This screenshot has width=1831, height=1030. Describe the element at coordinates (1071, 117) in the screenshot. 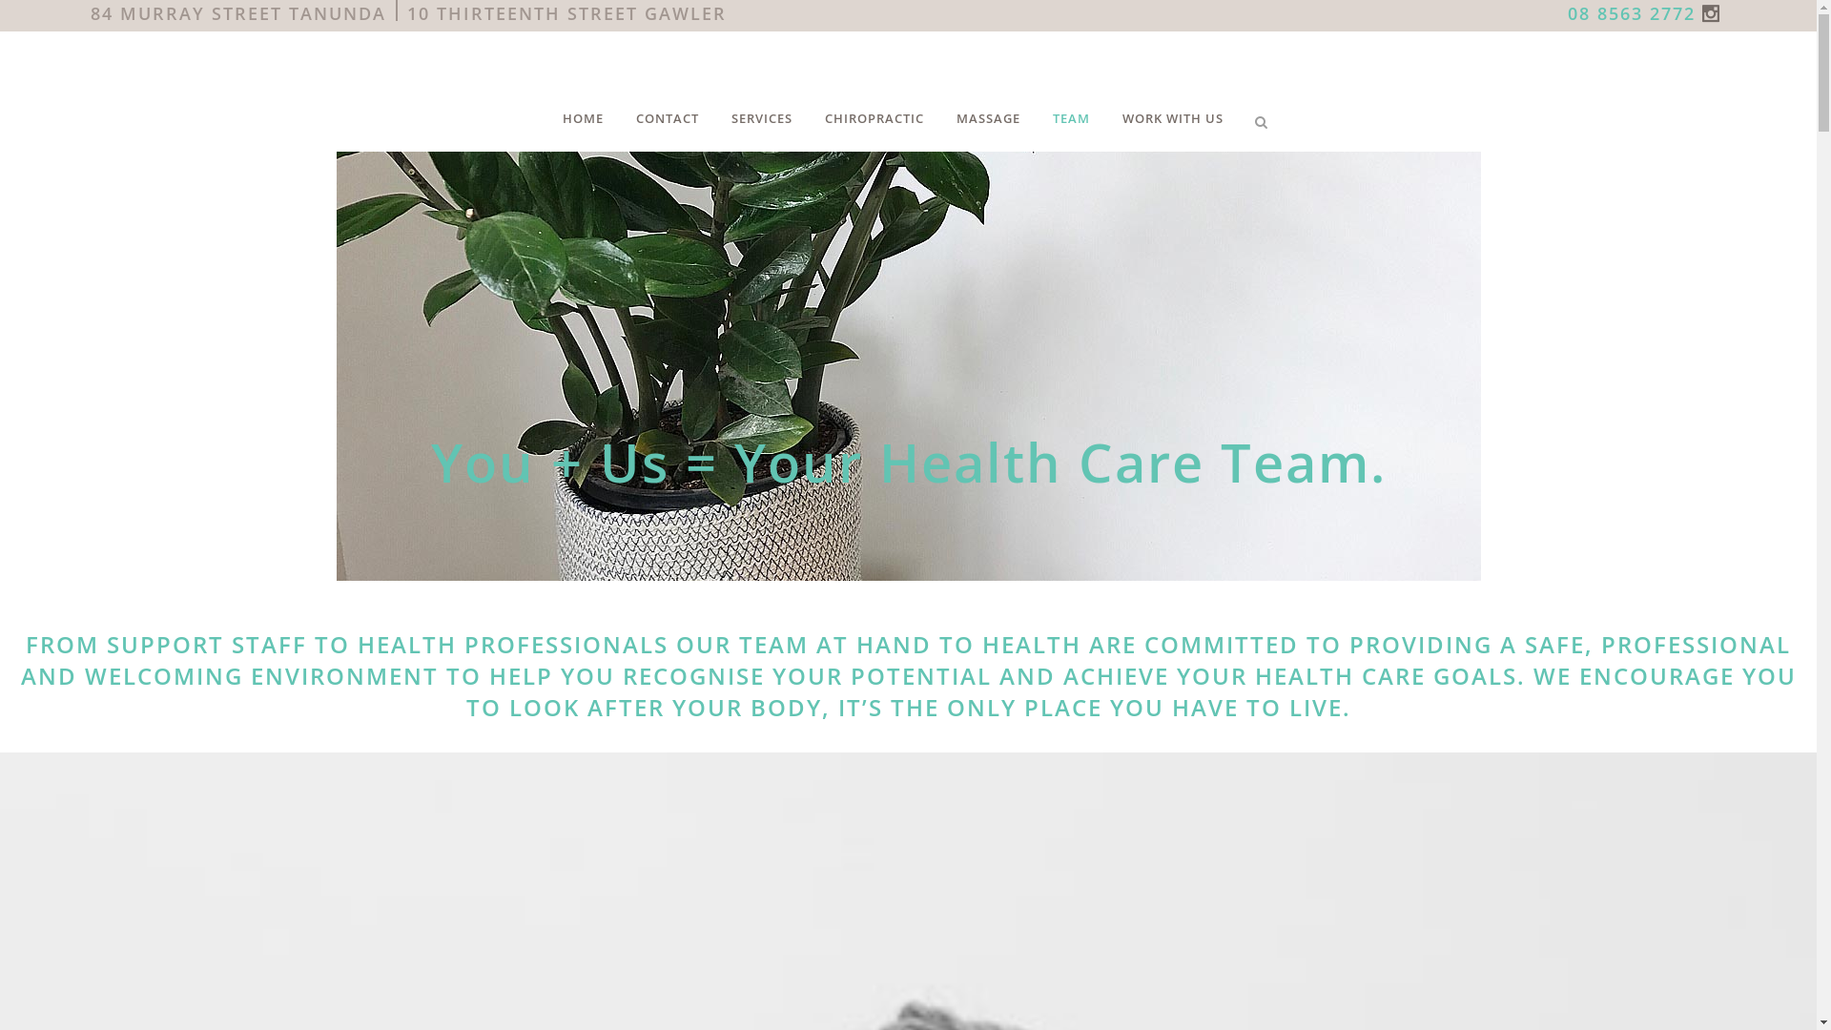

I see `'TEAM'` at that location.